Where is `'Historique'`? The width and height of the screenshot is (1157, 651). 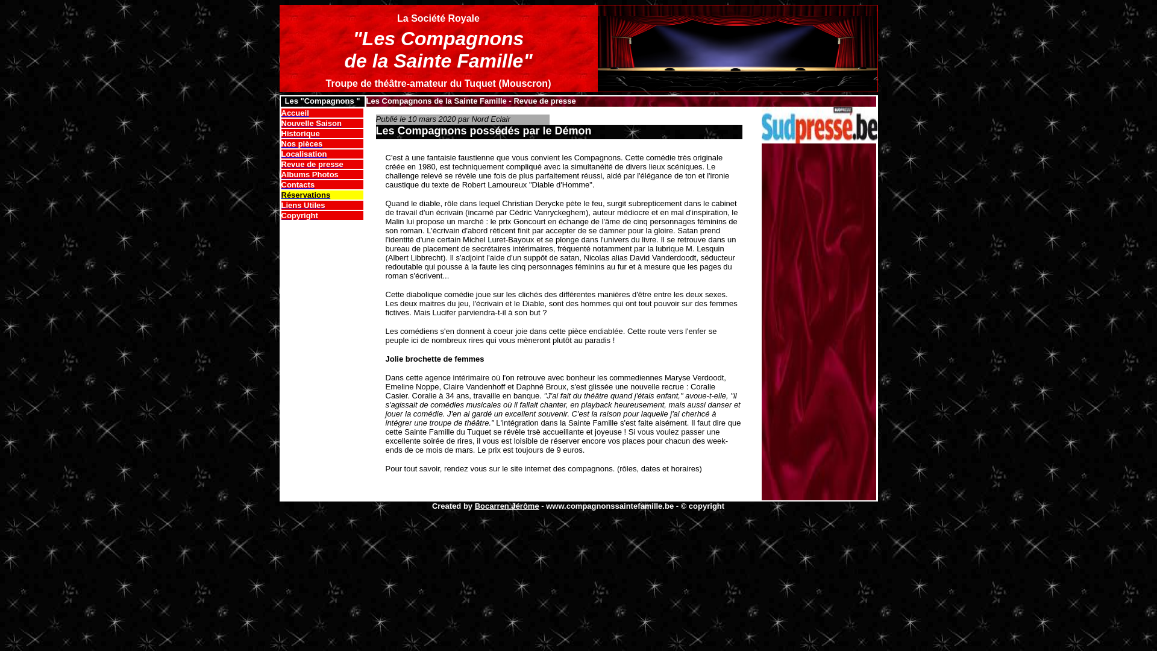 'Historique' is located at coordinates (280, 133).